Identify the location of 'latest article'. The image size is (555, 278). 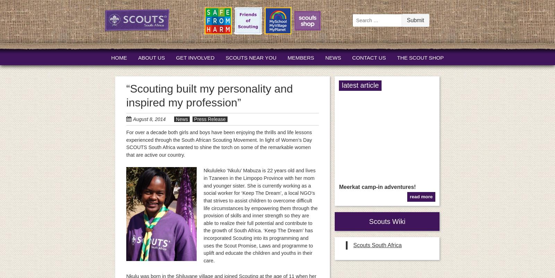
(360, 85).